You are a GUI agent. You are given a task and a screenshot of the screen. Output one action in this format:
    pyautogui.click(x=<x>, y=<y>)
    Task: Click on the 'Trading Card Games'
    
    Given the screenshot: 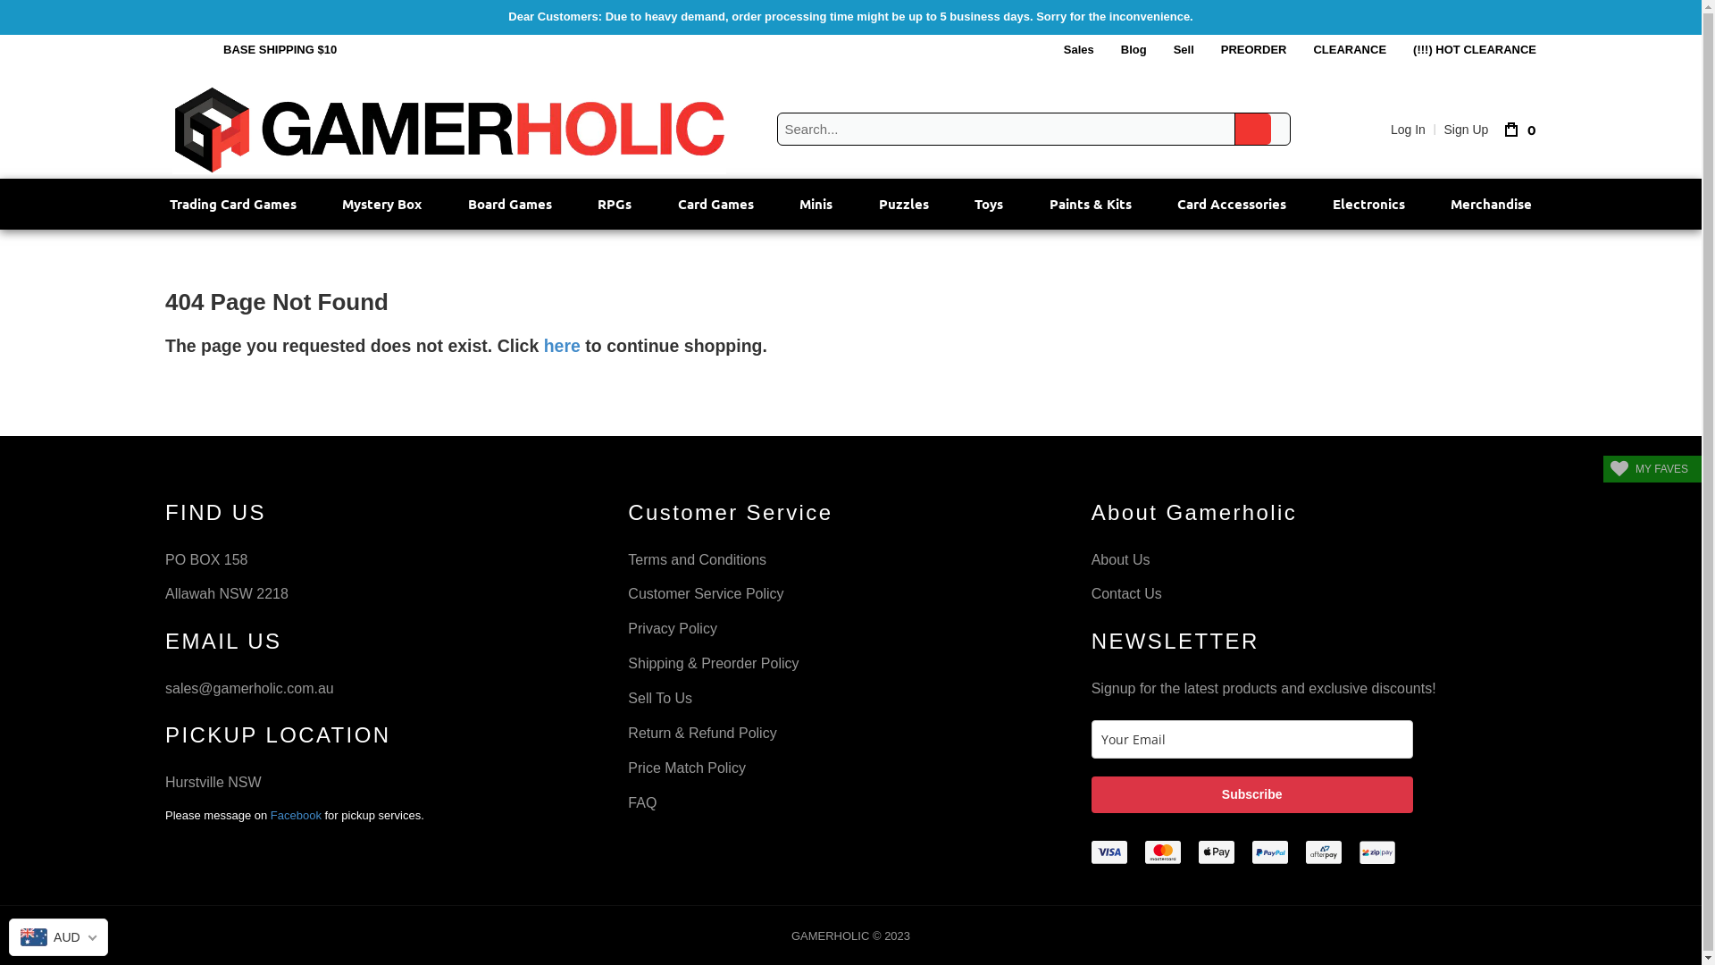 What is the action you would take?
    pyautogui.click(x=231, y=203)
    